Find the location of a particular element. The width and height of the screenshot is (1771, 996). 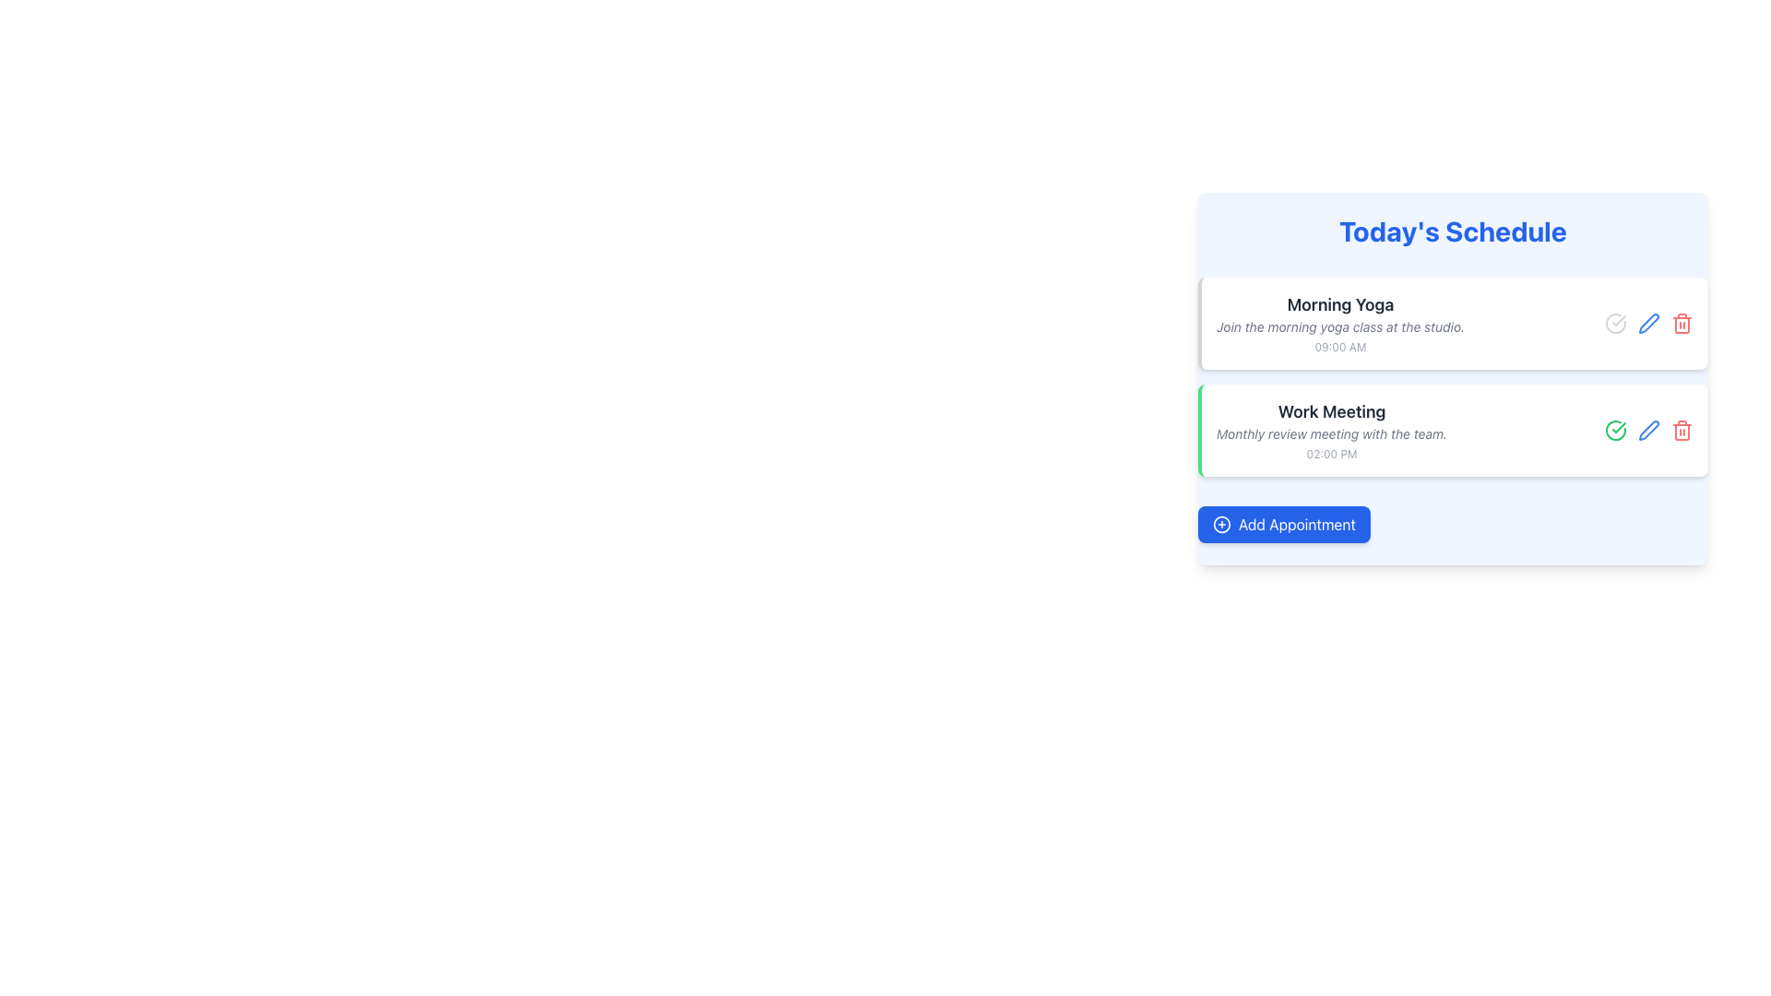

the first icon in the row of three icons to the left of the 'Work Meeting' text to mark the action as completed is located at coordinates (1615, 430).